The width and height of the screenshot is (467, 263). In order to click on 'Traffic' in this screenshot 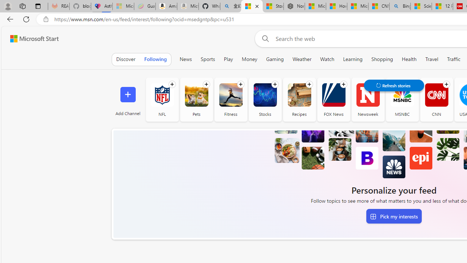, I will do `click(454, 59)`.